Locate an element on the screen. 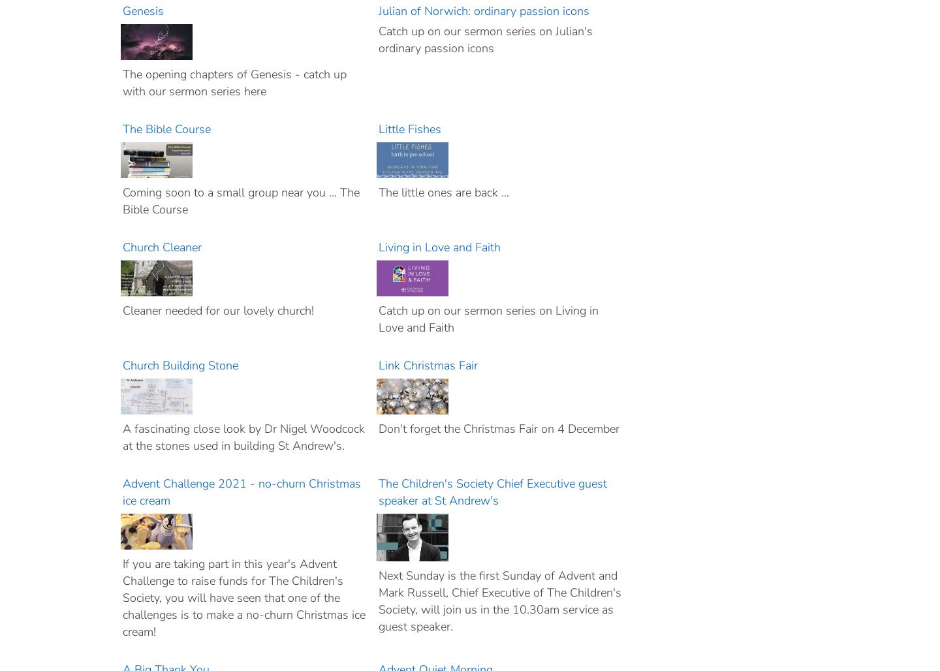 Image resolution: width=940 pixels, height=671 pixels. 'The Children's Society Chief Executive guest speaker at St Andrew's' is located at coordinates (491, 492).